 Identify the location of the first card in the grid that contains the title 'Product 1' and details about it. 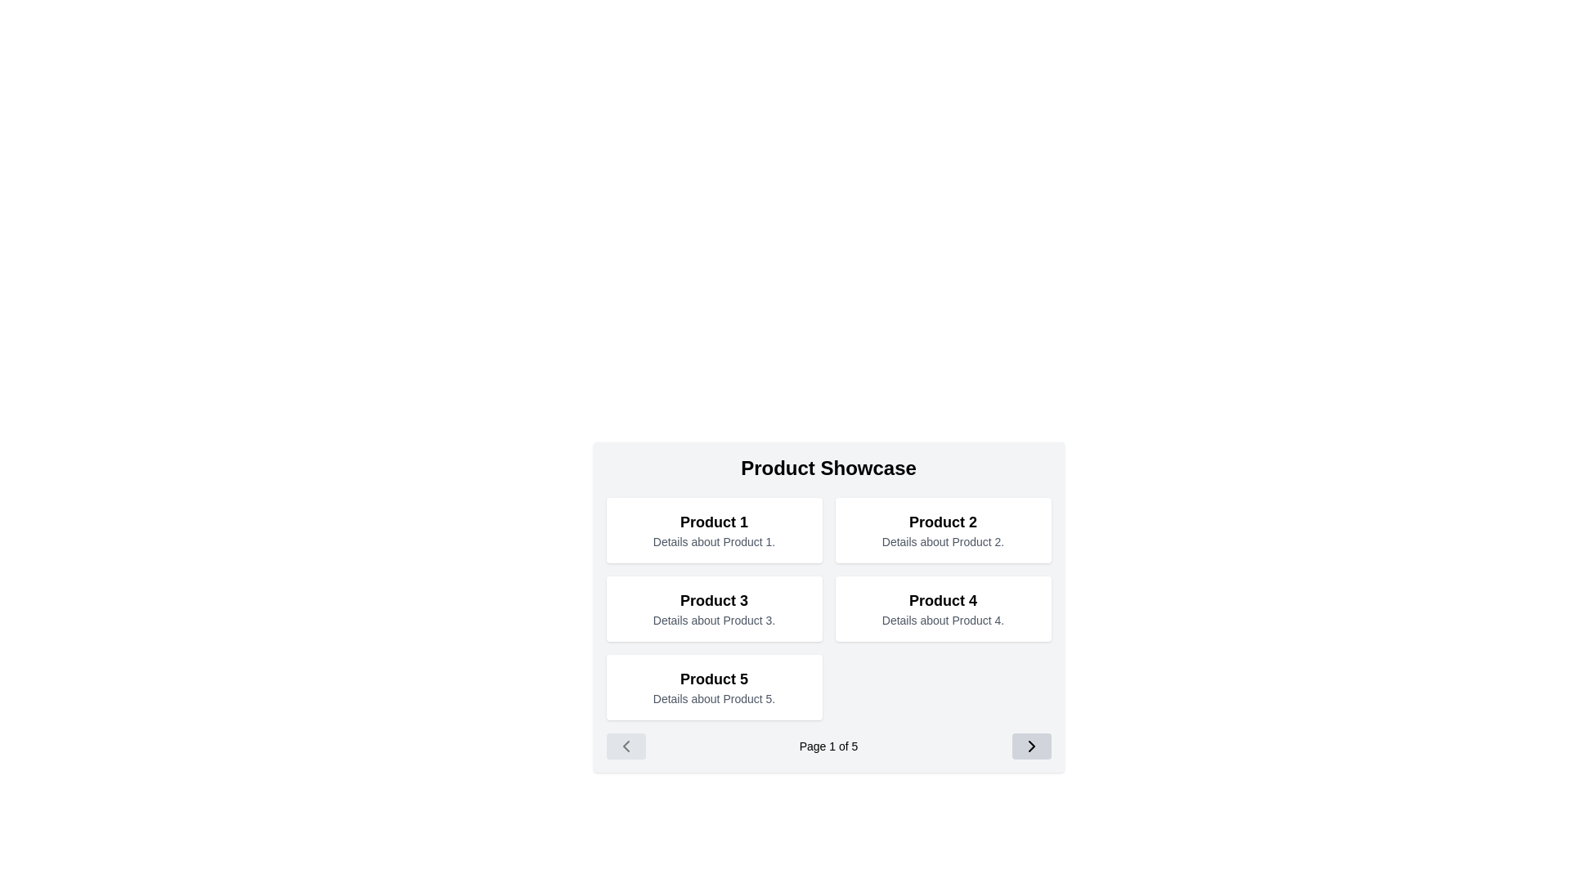
(714, 530).